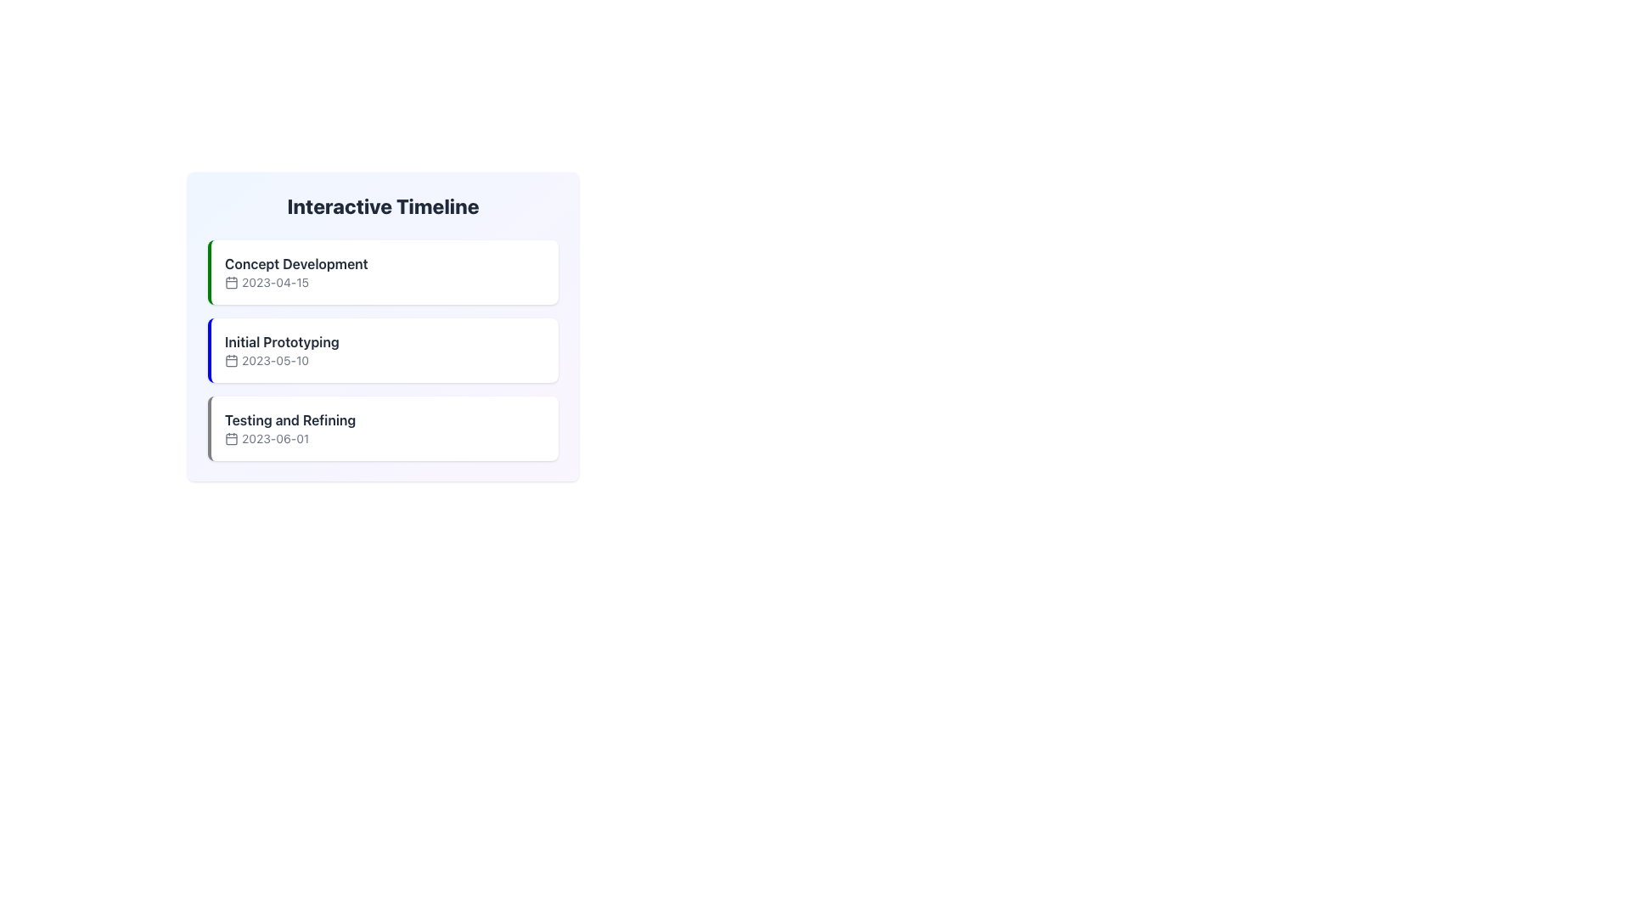 This screenshot has width=1630, height=917. Describe the element at coordinates (290, 419) in the screenshot. I see `the text label that reads 'Testing and Refining', located at the top-left corner of the bottom-most card under the header 'Interactive Timeline'` at that location.